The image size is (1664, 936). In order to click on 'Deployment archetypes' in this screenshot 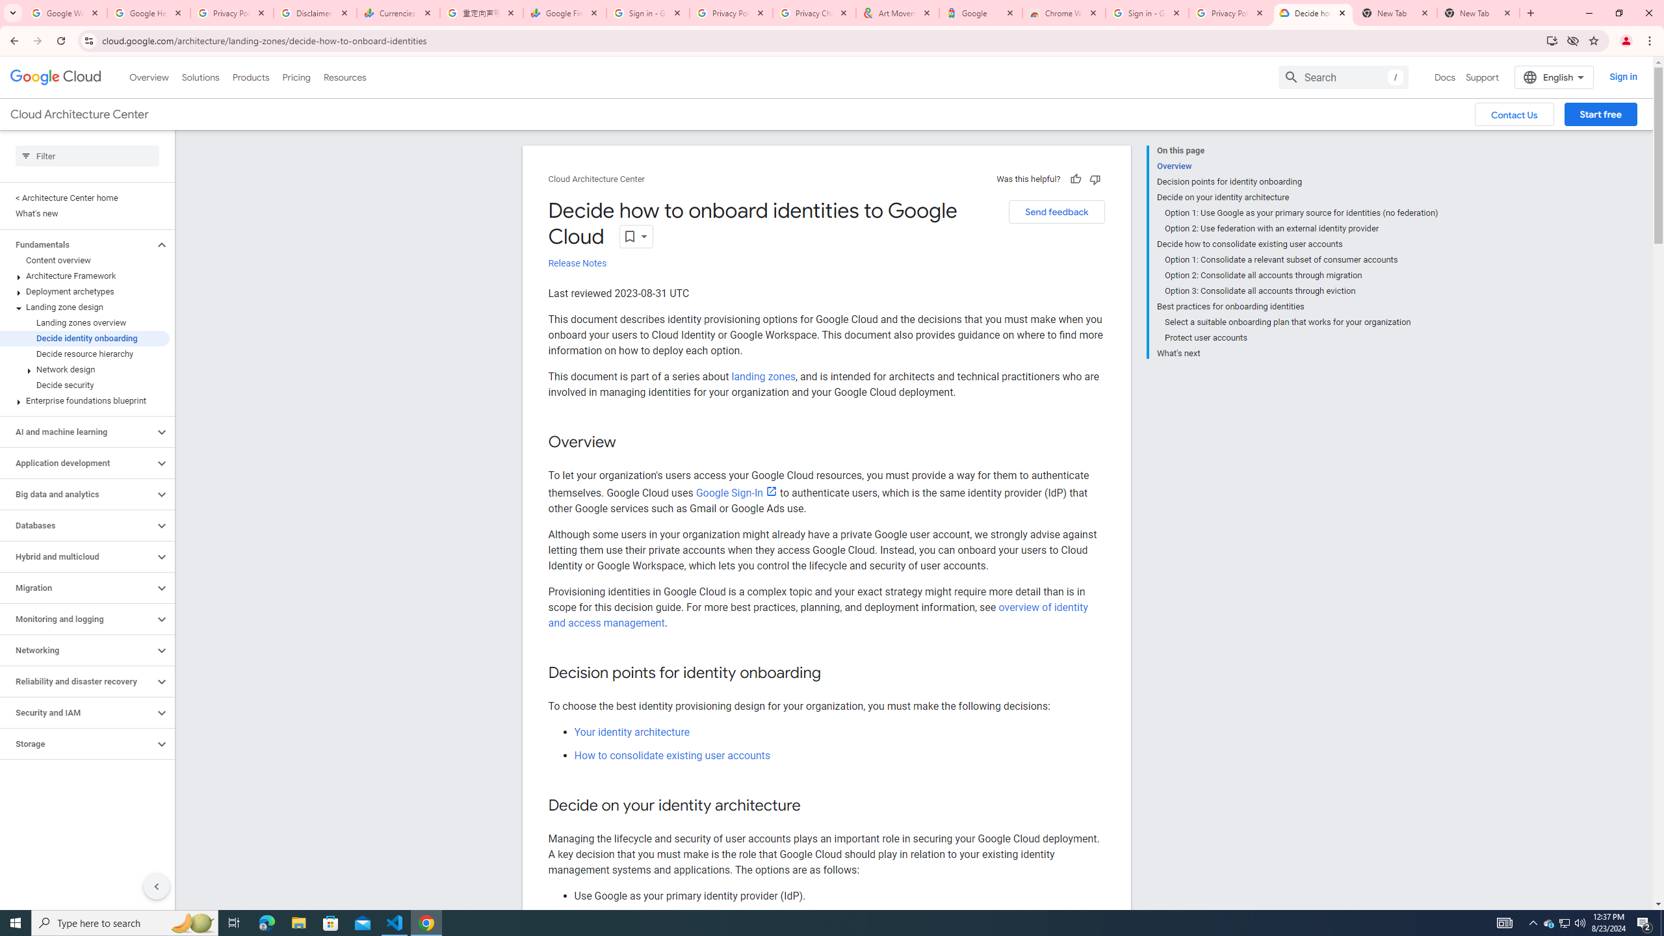, I will do `click(84, 291)`.